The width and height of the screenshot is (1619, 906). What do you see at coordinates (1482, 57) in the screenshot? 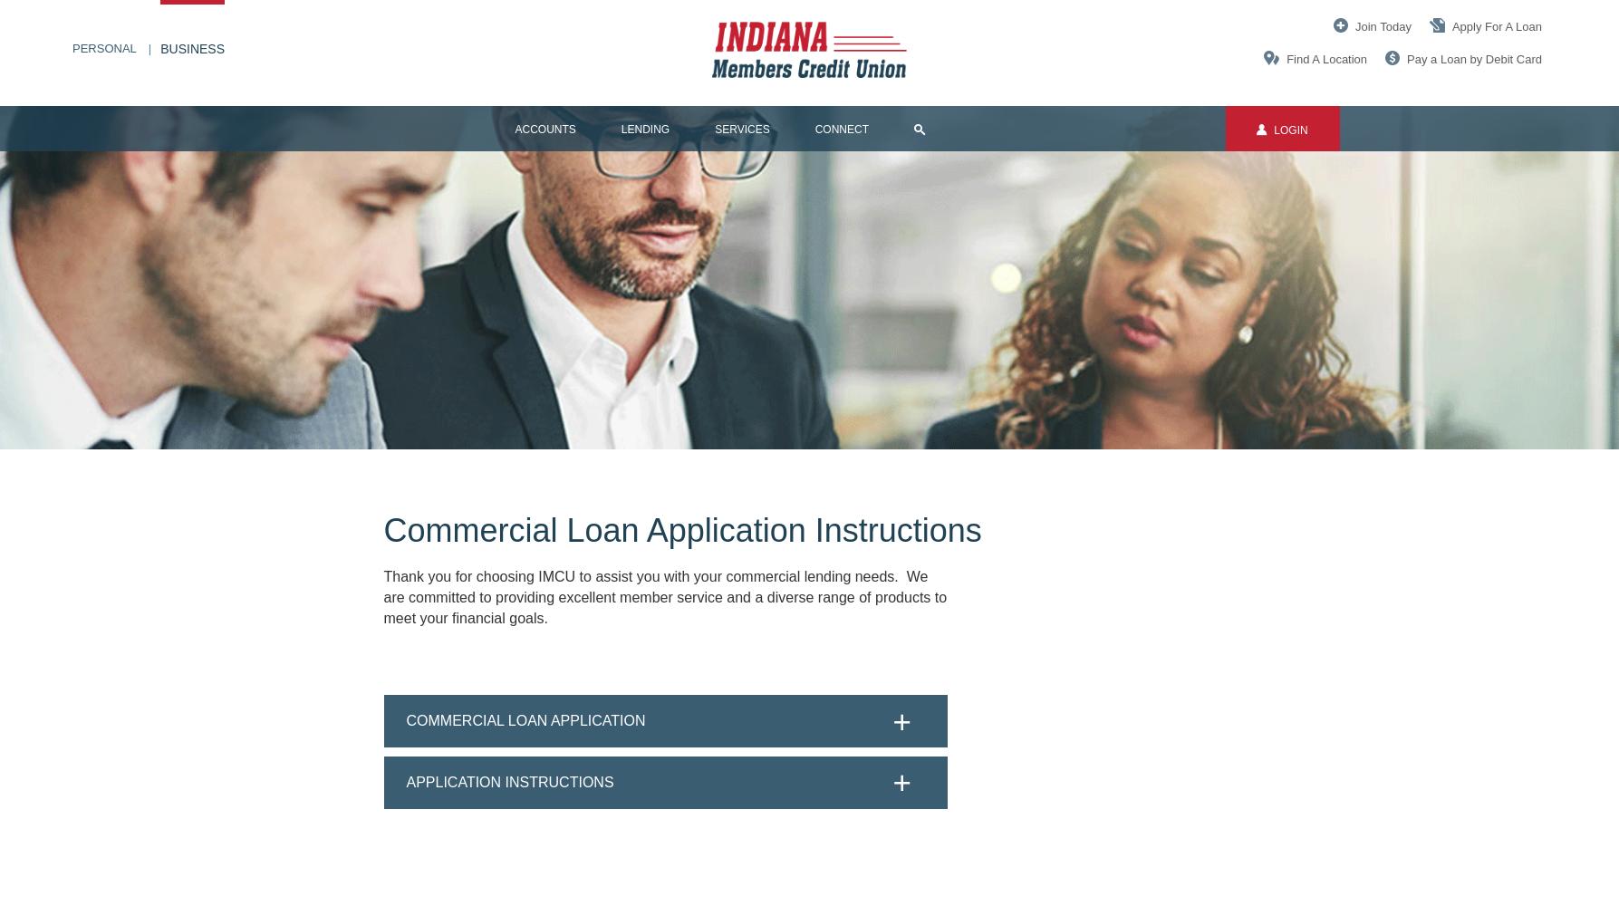
I see `'a Loan by Debit Card'` at bounding box center [1482, 57].